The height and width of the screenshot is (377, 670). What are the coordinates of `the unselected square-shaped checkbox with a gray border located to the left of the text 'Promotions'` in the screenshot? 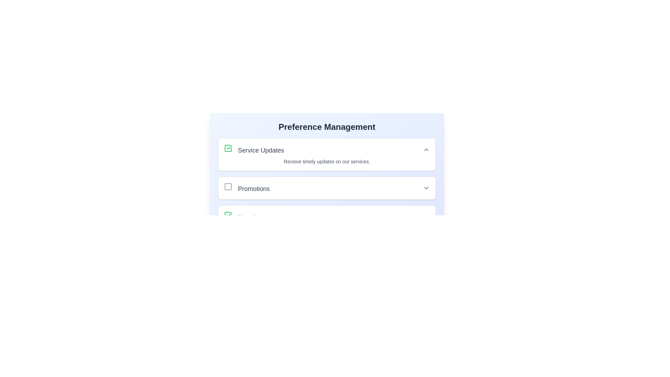 It's located at (228, 186).